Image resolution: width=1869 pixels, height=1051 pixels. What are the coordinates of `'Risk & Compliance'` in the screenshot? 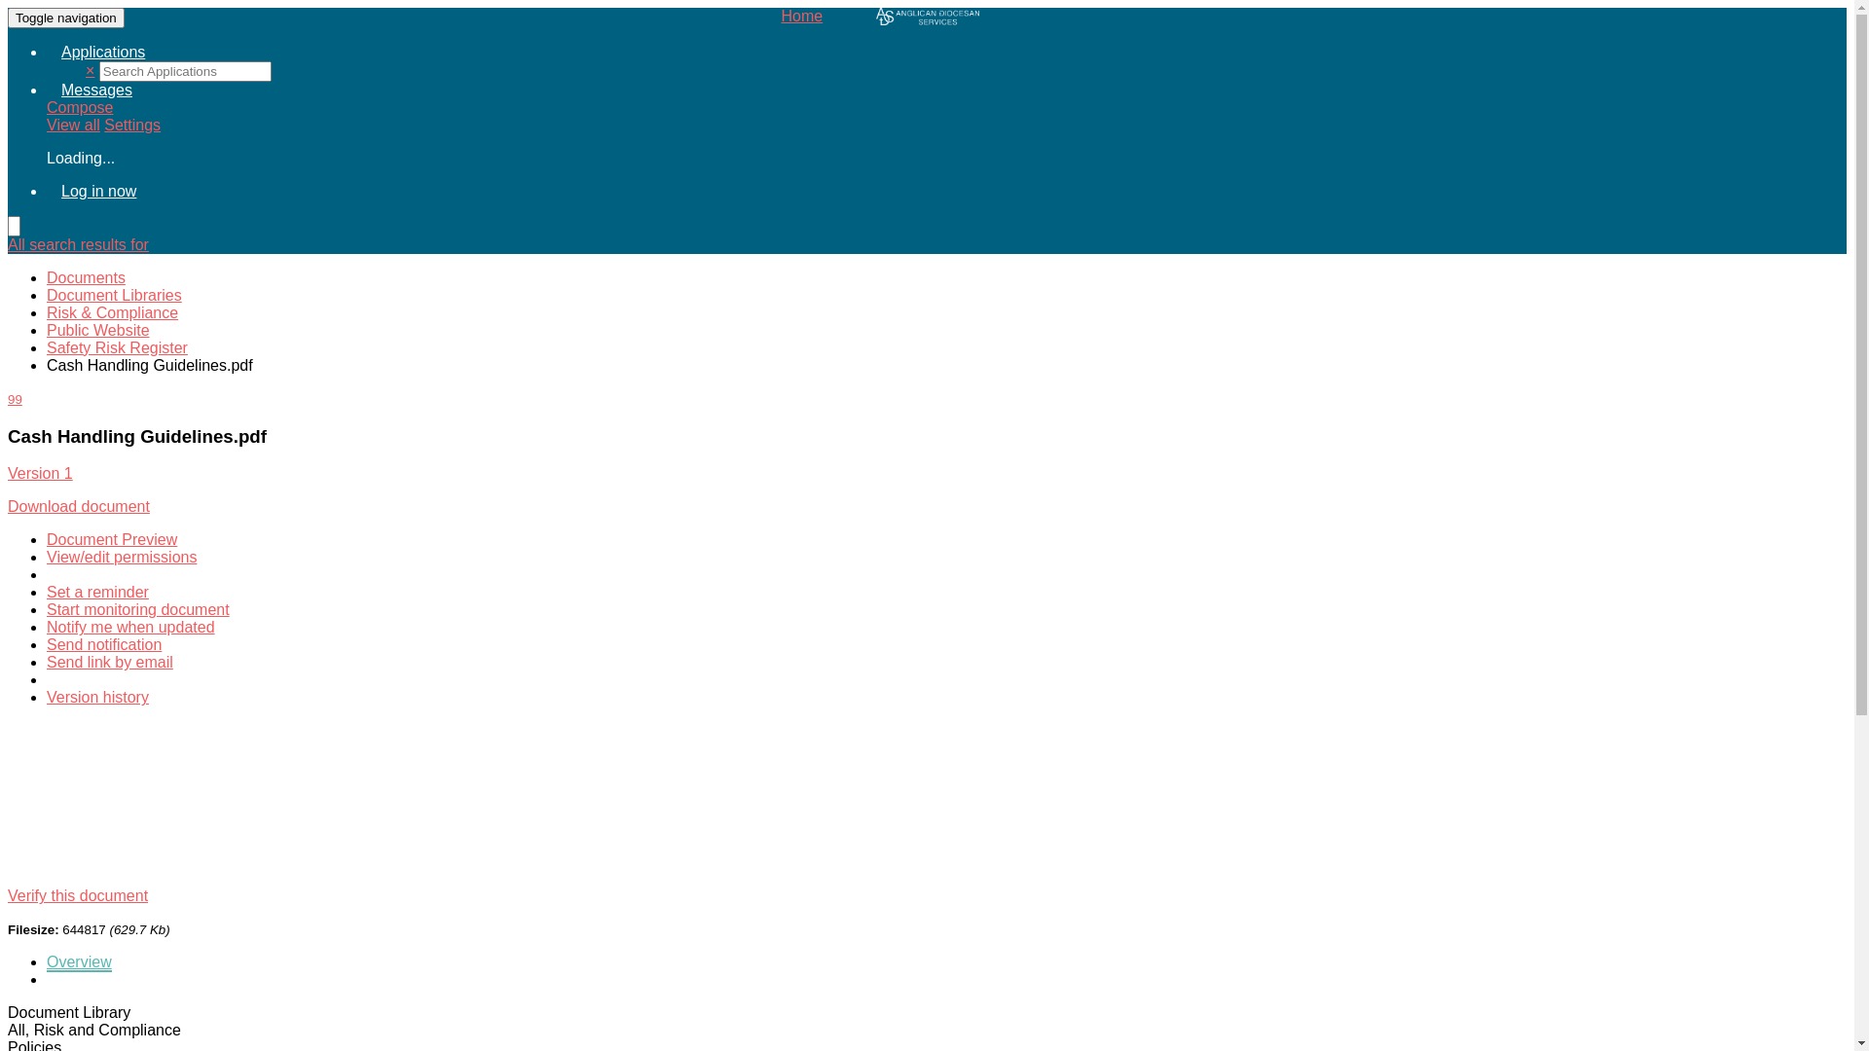 It's located at (47, 311).